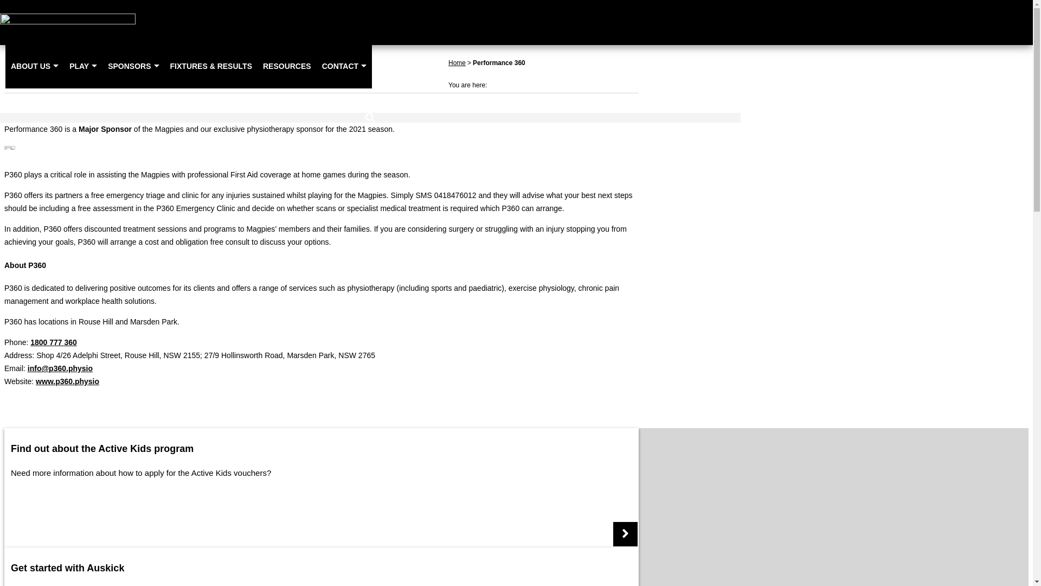  Describe the element at coordinates (164, 66) in the screenshot. I see `'FIXTURES & RESULTS'` at that location.